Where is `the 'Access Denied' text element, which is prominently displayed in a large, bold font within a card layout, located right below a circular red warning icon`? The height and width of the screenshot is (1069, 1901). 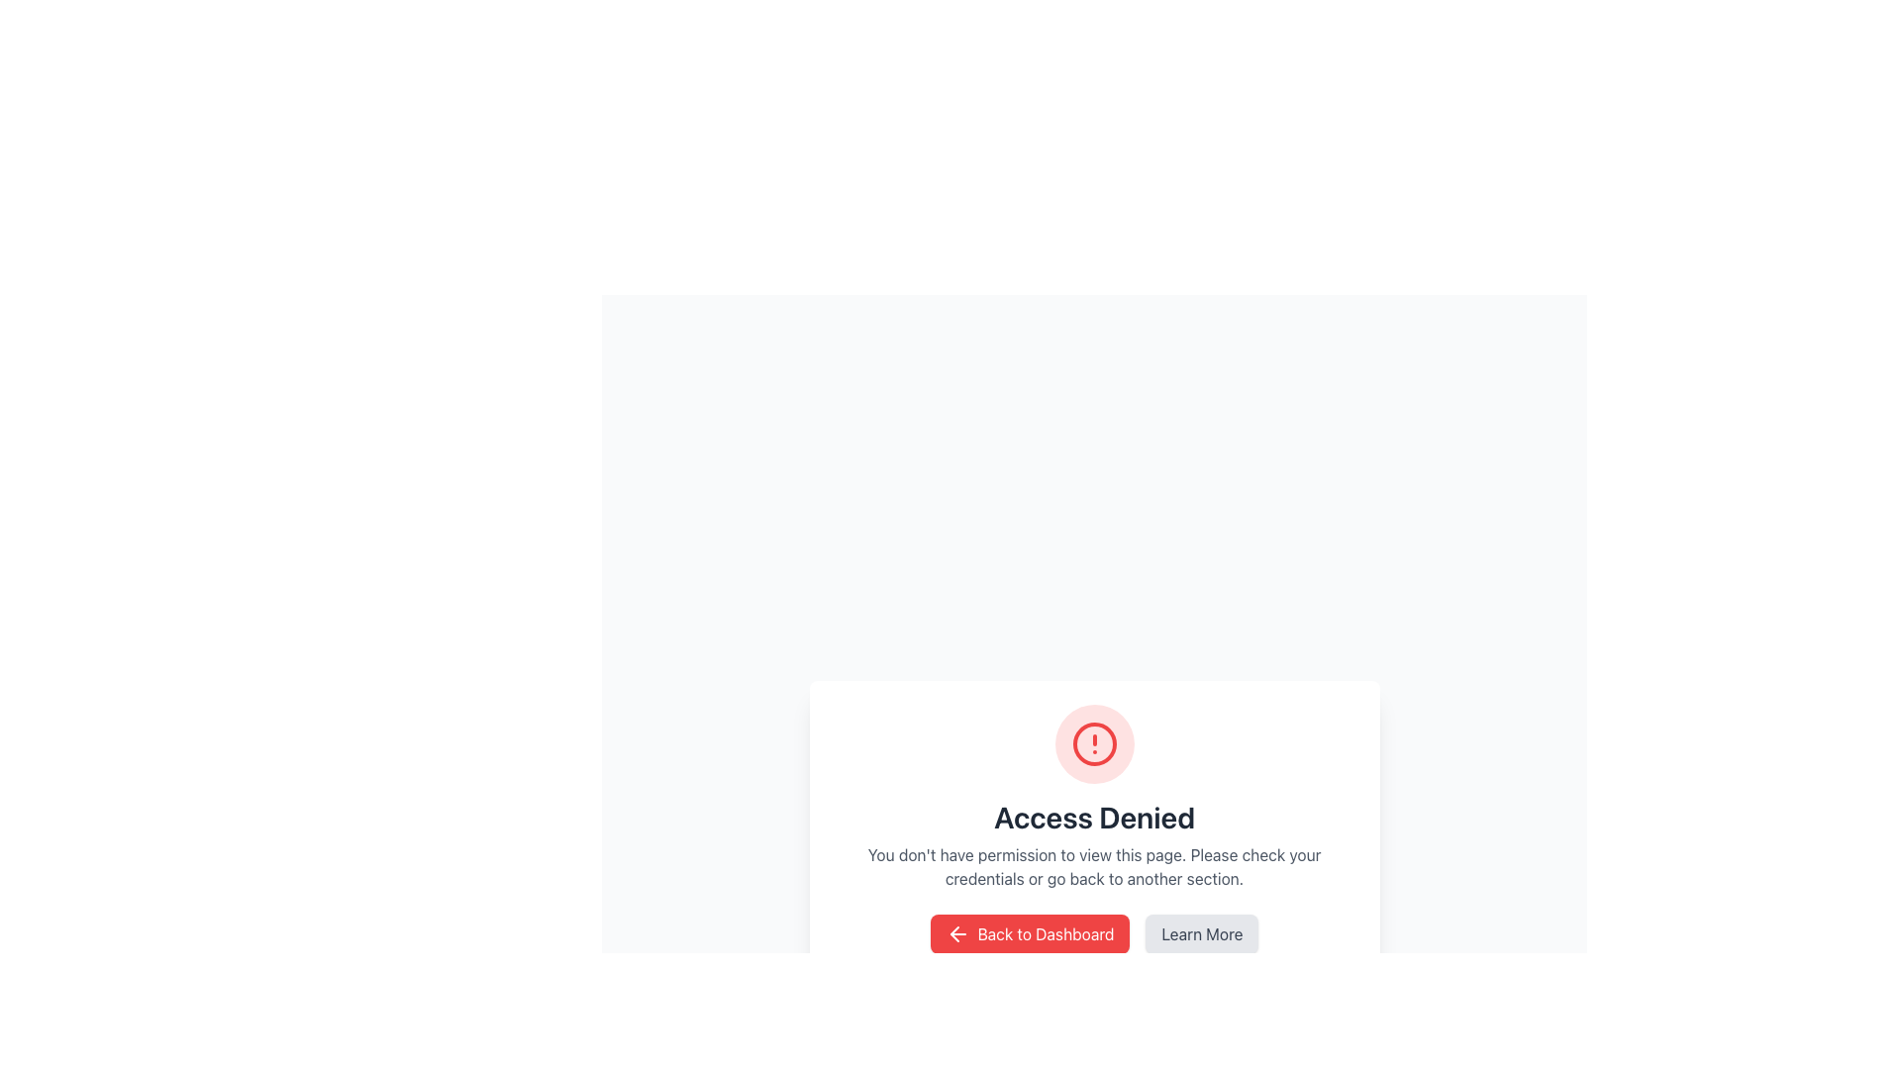
the 'Access Denied' text element, which is prominently displayed in a large, bold font within a card layout, located right below a circular red warning icon is located at coordinates (1093, 817).